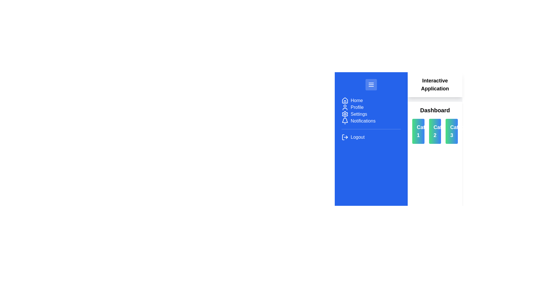  I want to click on the text label reading 'Dashboard' which is positioned at the top of a vertical group of elements, prominently displayed in bold black font against a light background, so click(434, 110).